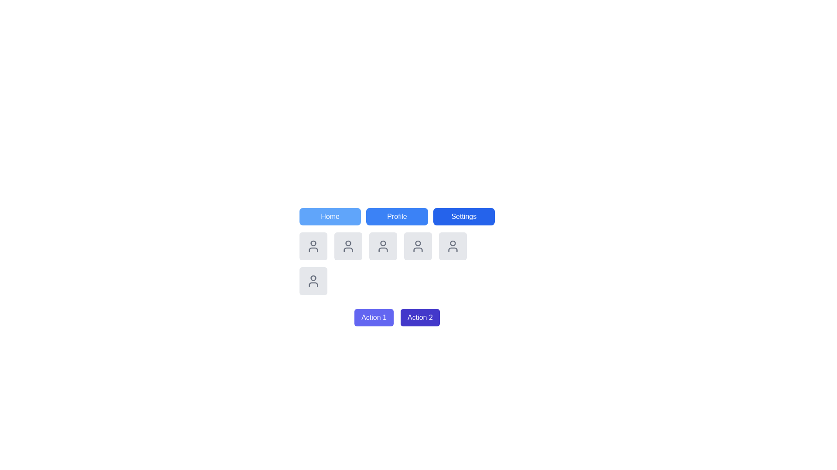 This screenshot has height=470, width=837. Describe the element at coordinates (347, 246) in the screenshot. I see `the user profile icon button located in the middle row, second item from the left` at that location.